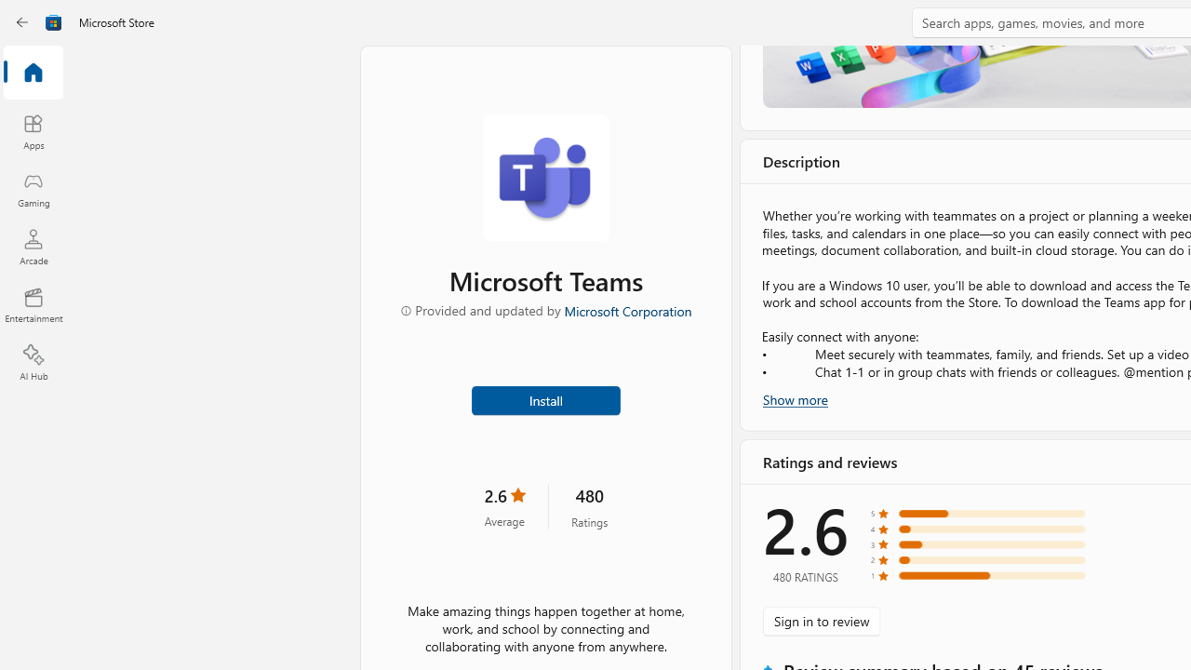 Image resolution: width=1191 pixels, height=670 pixels. Describe the element at coordinates (33, 246) in the screenshot. I see `'Arcade'` at that location.